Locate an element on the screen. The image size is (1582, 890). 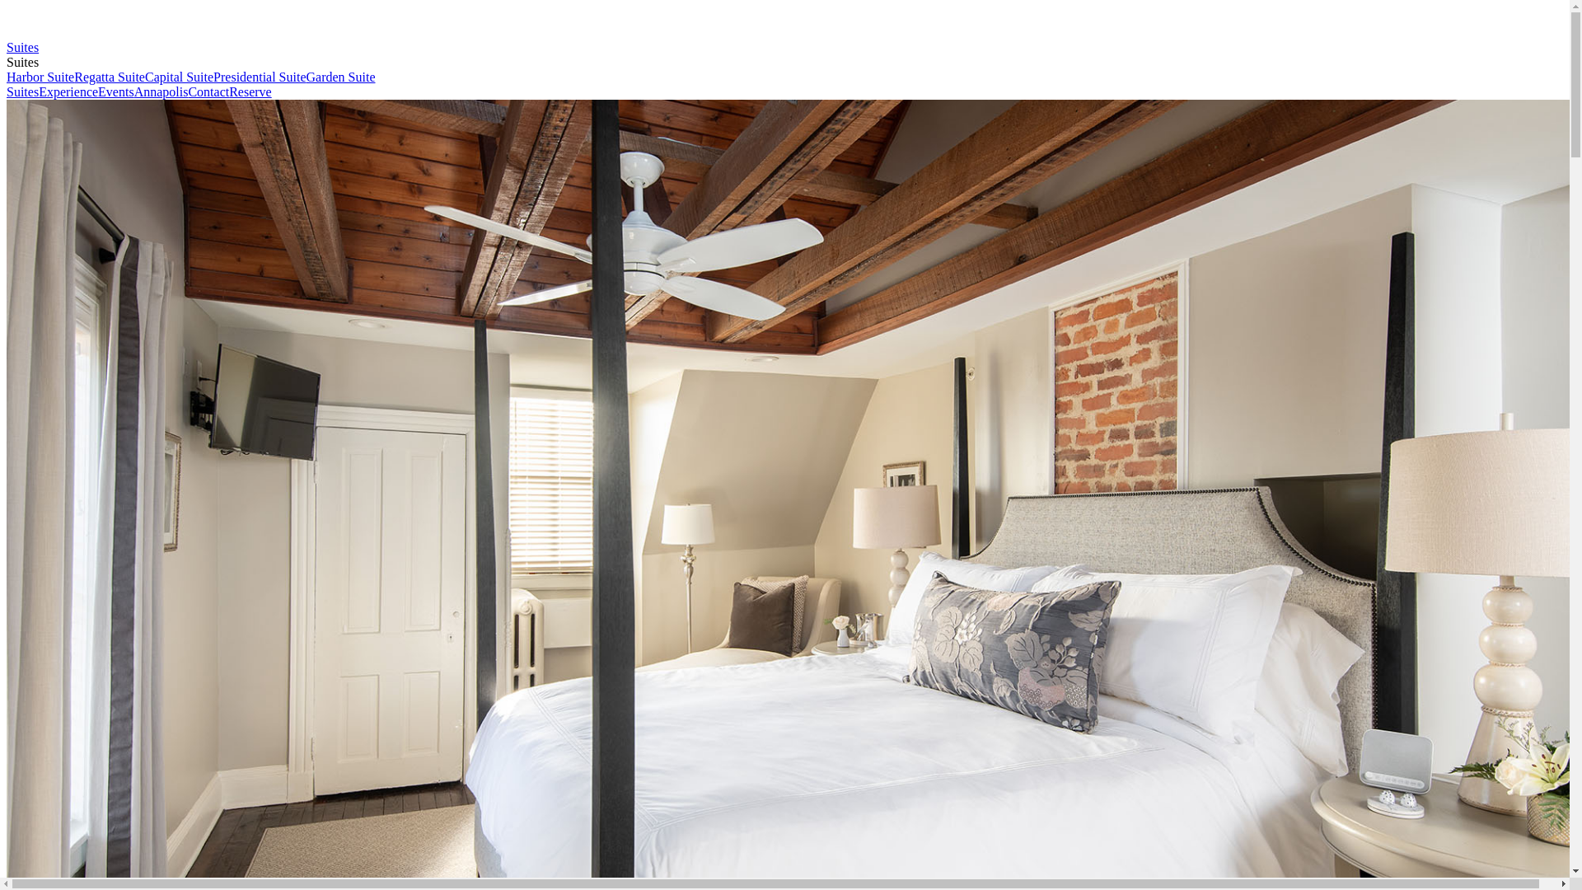
'Harbor Suite' is located at coordinates (7, 77).